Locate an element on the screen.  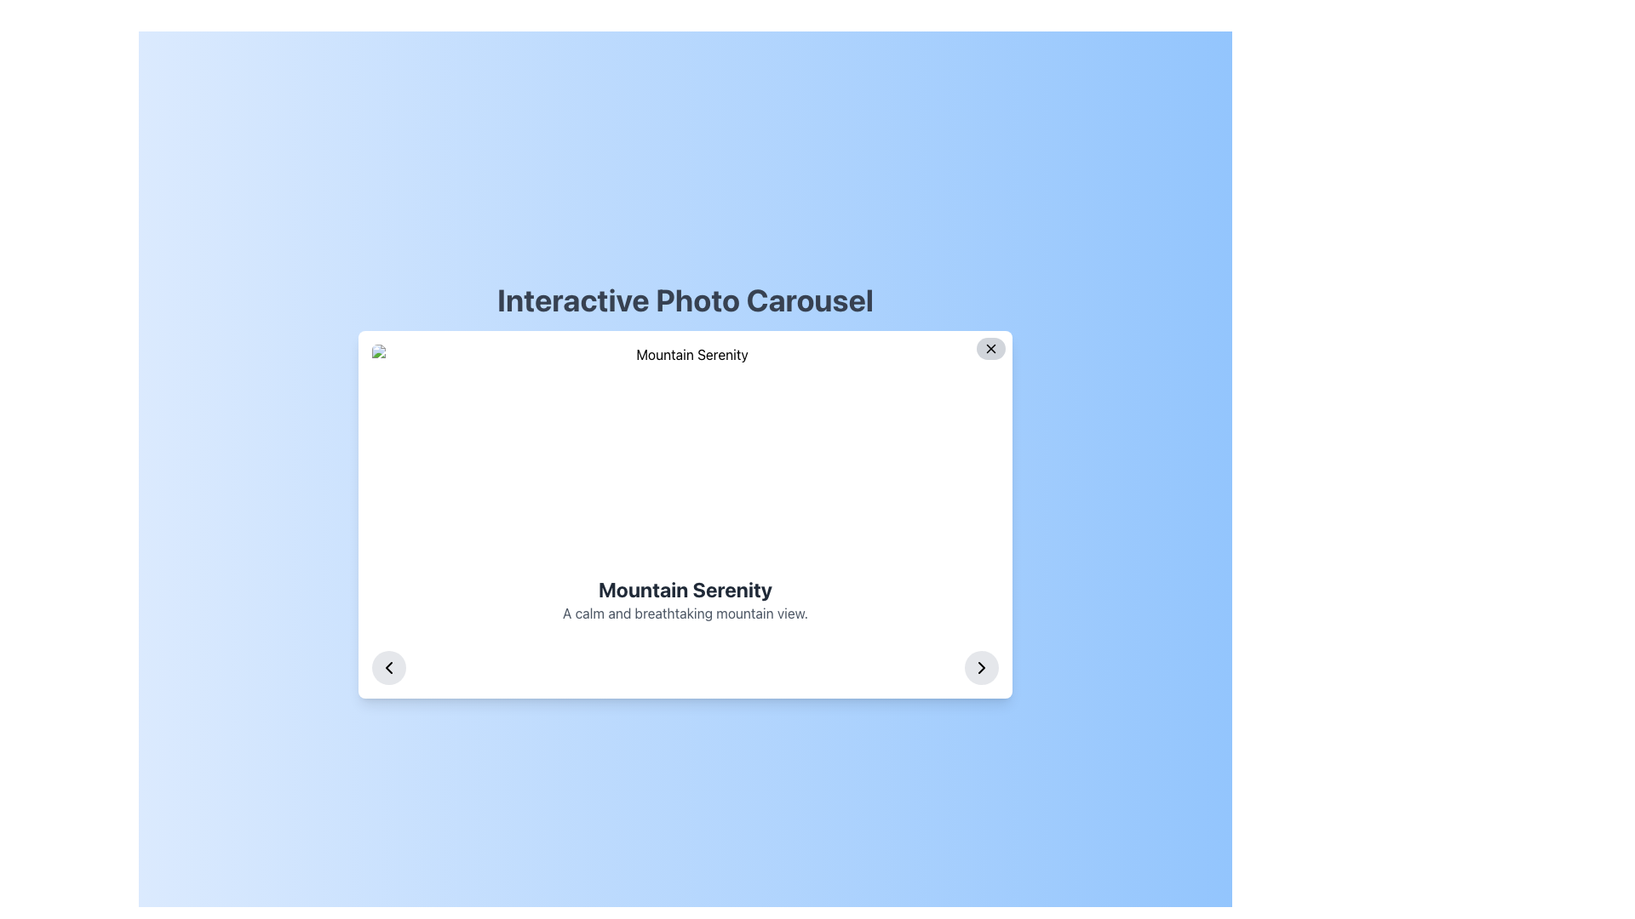
the navigation button located at the bottom-left corner of the photo carousel is located at coordinates (387, 667).